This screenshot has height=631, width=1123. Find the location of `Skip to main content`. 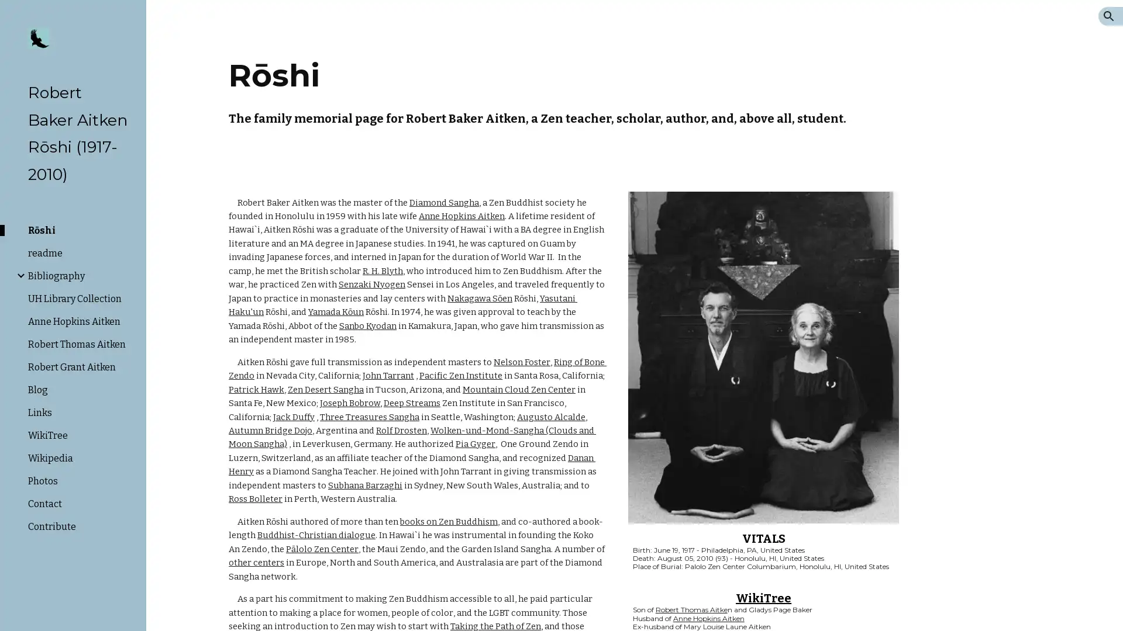

Skip to main content is located at coordinates (460, 22).